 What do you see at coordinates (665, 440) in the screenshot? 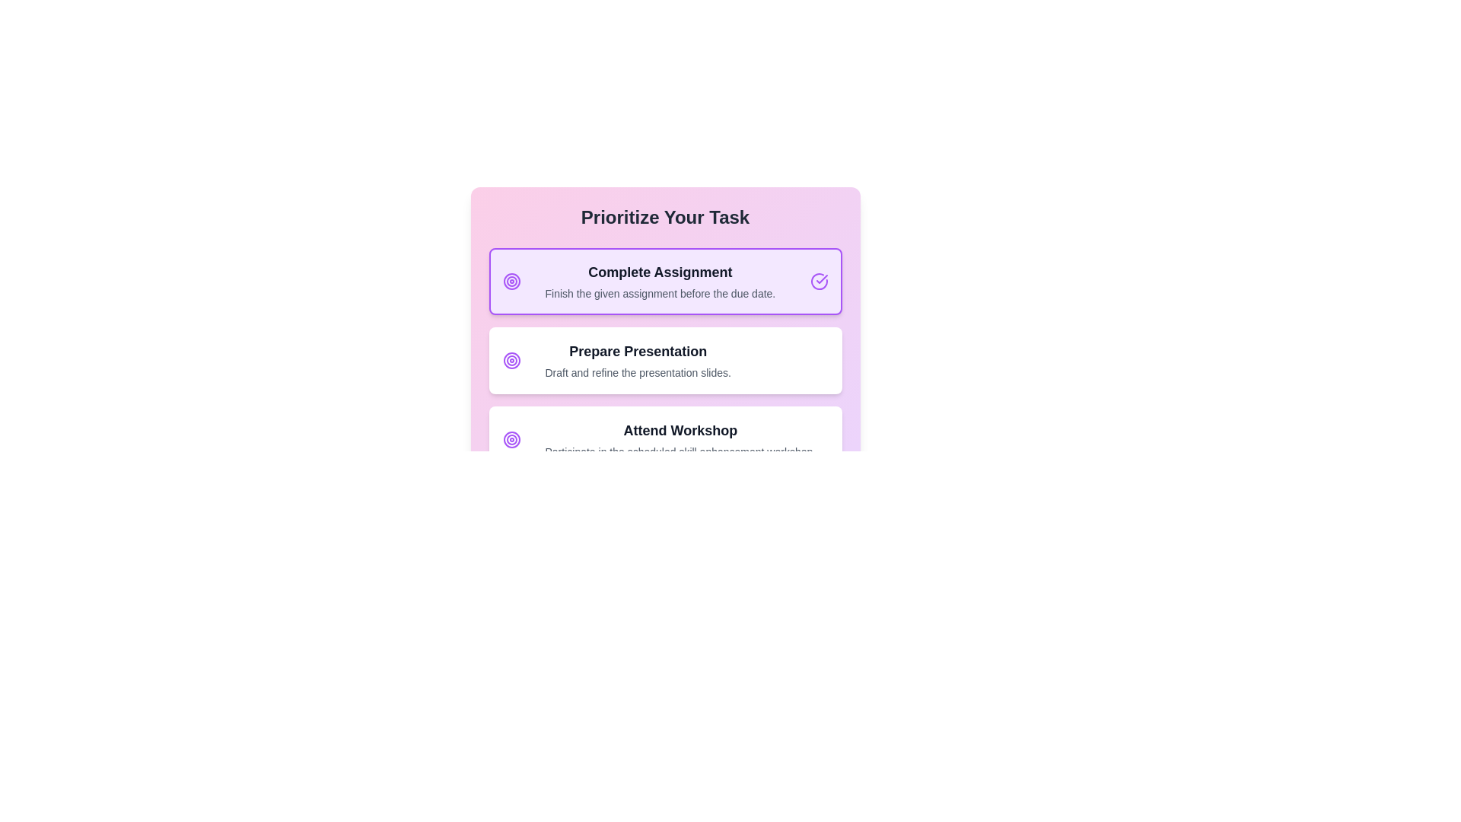
I see `the 'Attend Workshop' informational card` at bounding box center [665, 440].